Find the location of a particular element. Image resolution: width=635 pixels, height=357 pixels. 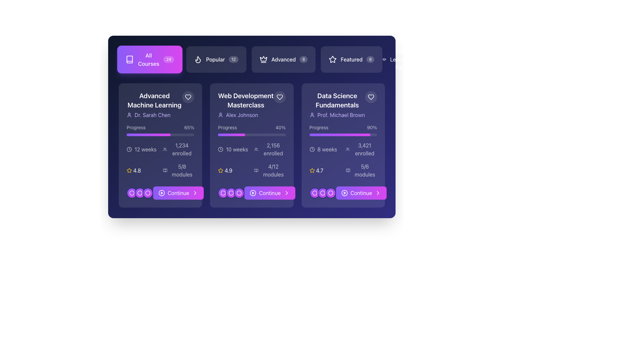

the play or continue icon located to the left of the 'Continue' text within the gradient purple button below the 'Advanced Machine Learning' course card is located at coordinates (162, 193).